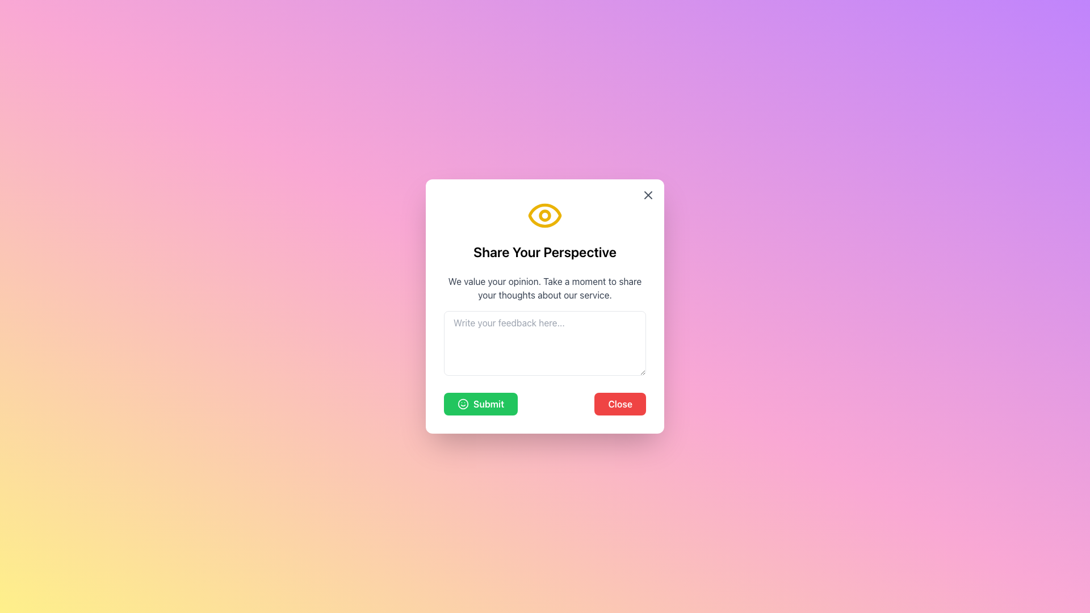  What do you see at coordinates (463, 404) in the screenshot?
I see `the smiley face icon located inside the green 'Submit' button at the bottom-left of the dialog box` at bounding box center [463, 404].